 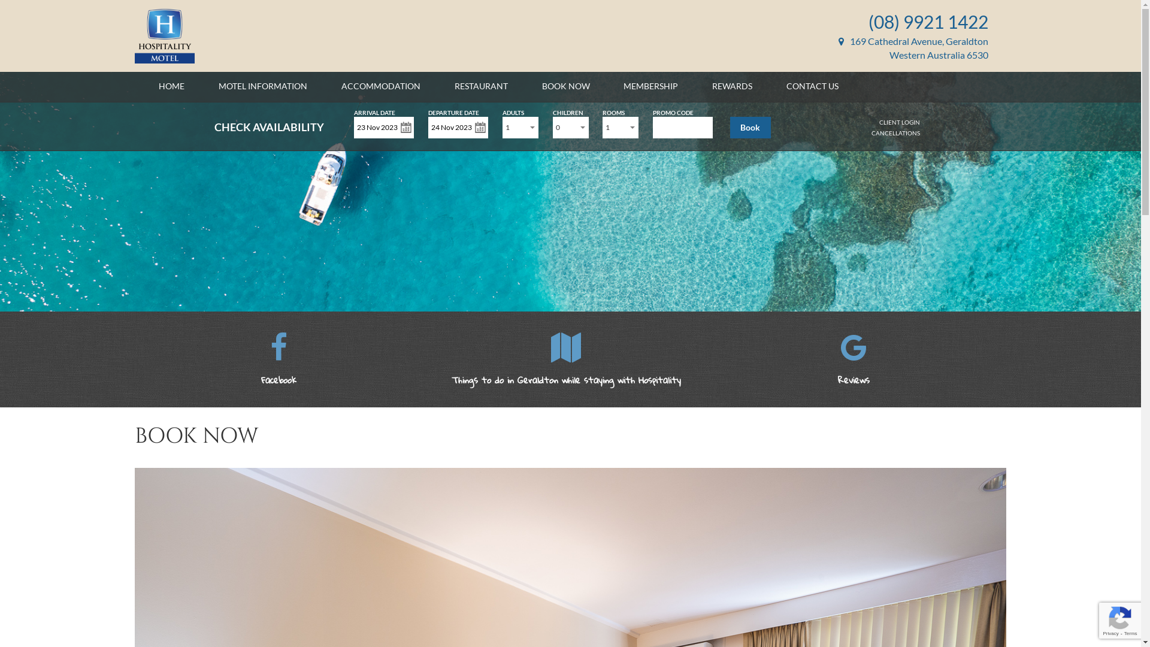 What do you see at coordinates (730, 127) in the screenshot?
I see `'Book'` at bounding box center [730, 127].